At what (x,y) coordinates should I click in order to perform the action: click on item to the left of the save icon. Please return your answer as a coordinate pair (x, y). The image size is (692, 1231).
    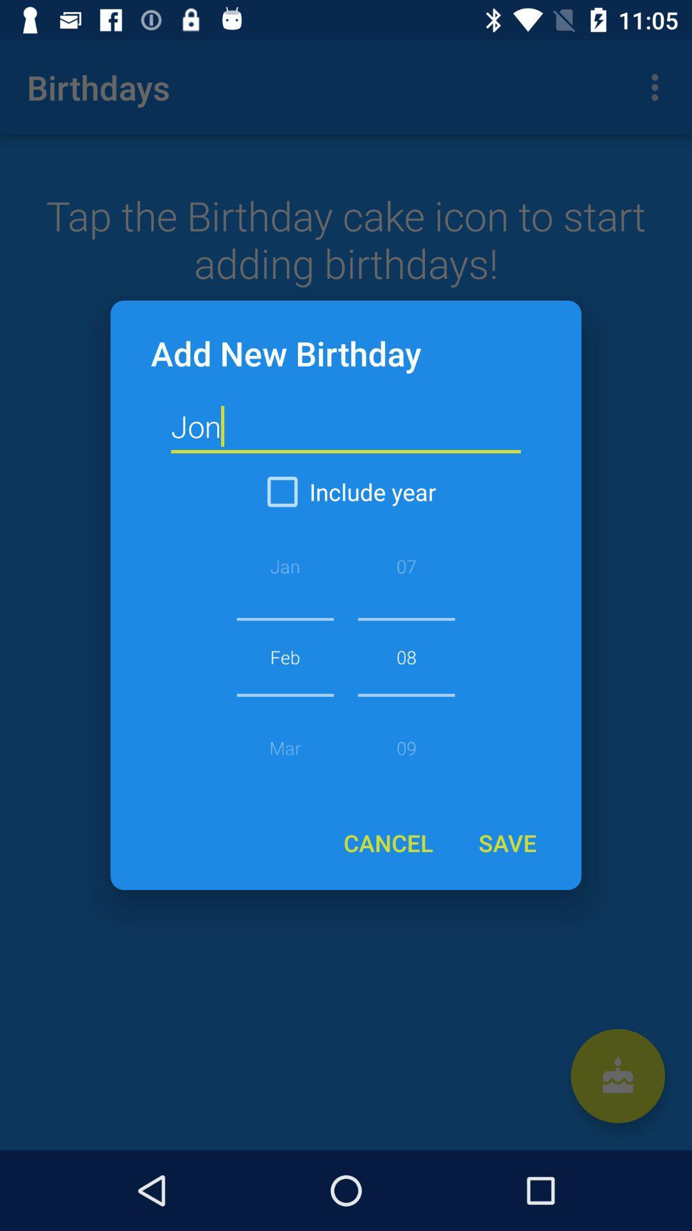
    Looking at the image, I should click on (388, 842).